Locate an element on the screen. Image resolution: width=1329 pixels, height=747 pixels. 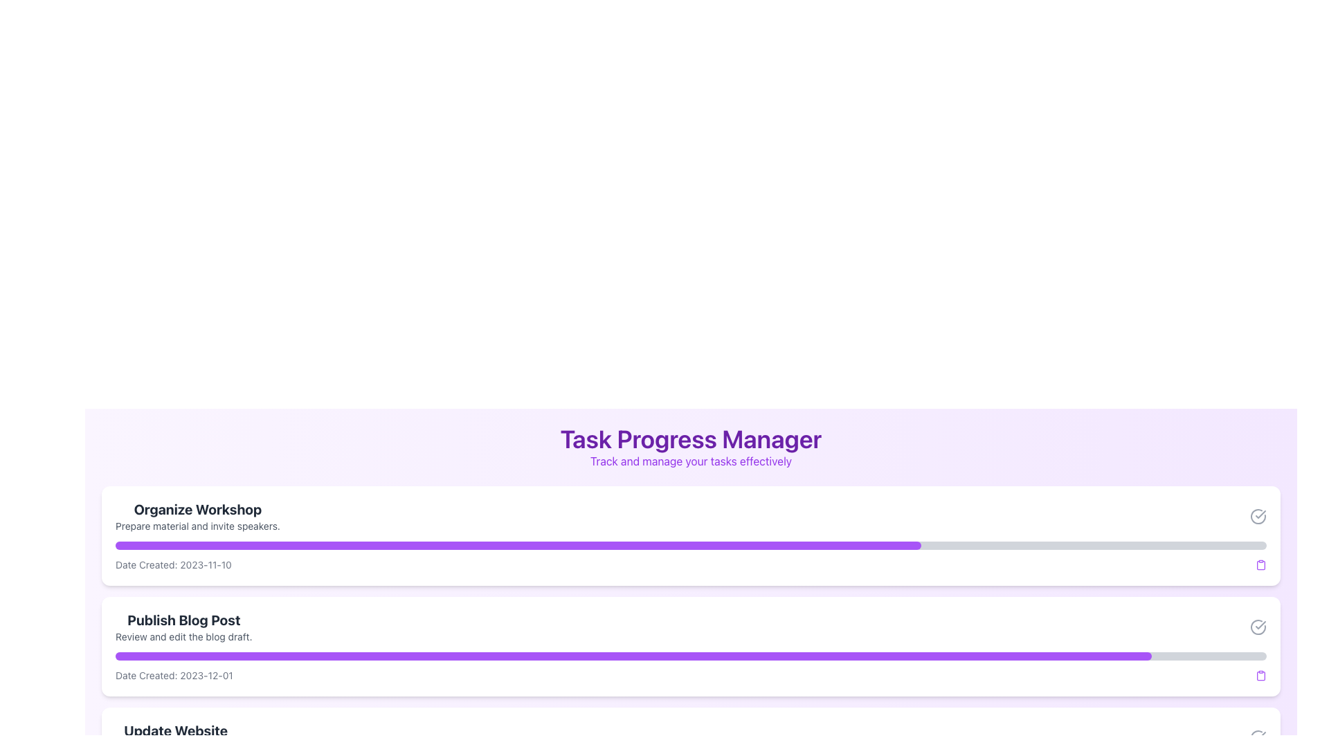
the text label displaying 'Date Created: 2023-11-10' located under the 'Organize Workshop' section in the task card is located at coordinates (172, 565).